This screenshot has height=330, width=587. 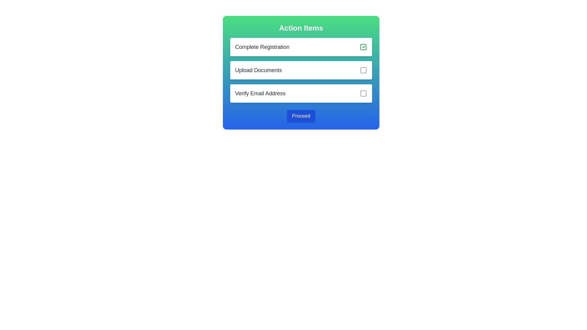 What do you see at coordinates (364, 47) in the screenshot?
I see `the checkbox indicating the completion status of the 'Complete Registration' action item` at bounding box center [364, 47].